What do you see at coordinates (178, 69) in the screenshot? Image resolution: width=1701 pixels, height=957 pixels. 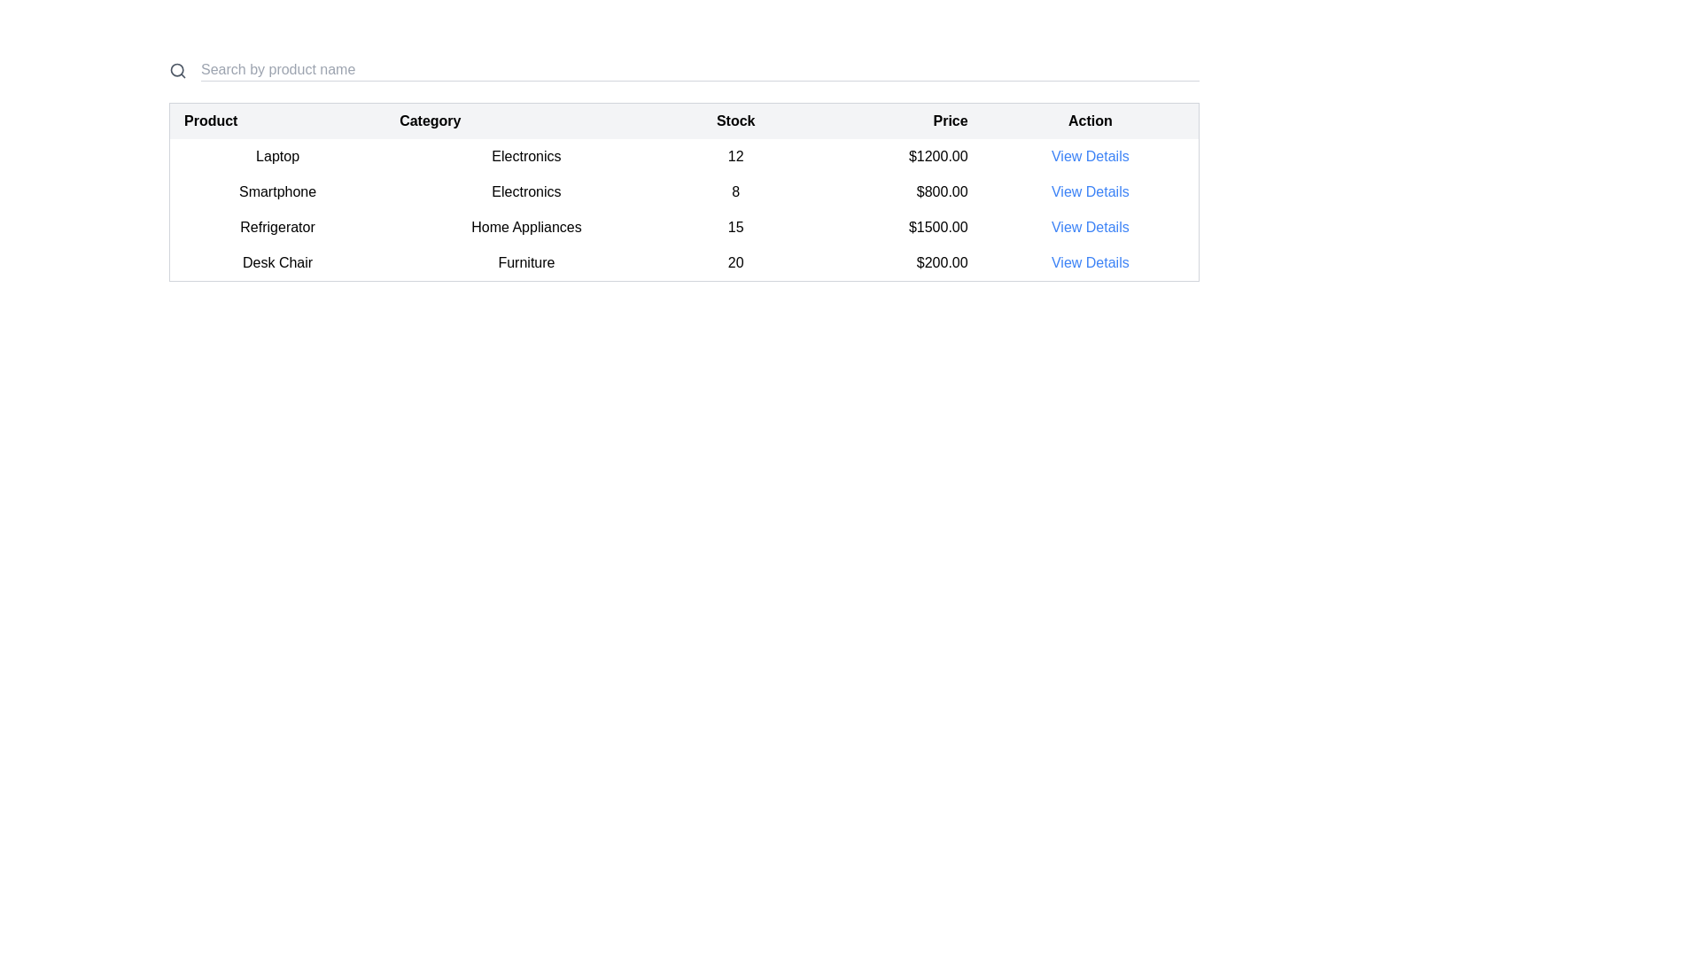 I see `the gray magnifying glass icon with a circular lens and handle located at the start of the search bar, positioned in the upper left section of the interface` at bounding box center [178, 69].